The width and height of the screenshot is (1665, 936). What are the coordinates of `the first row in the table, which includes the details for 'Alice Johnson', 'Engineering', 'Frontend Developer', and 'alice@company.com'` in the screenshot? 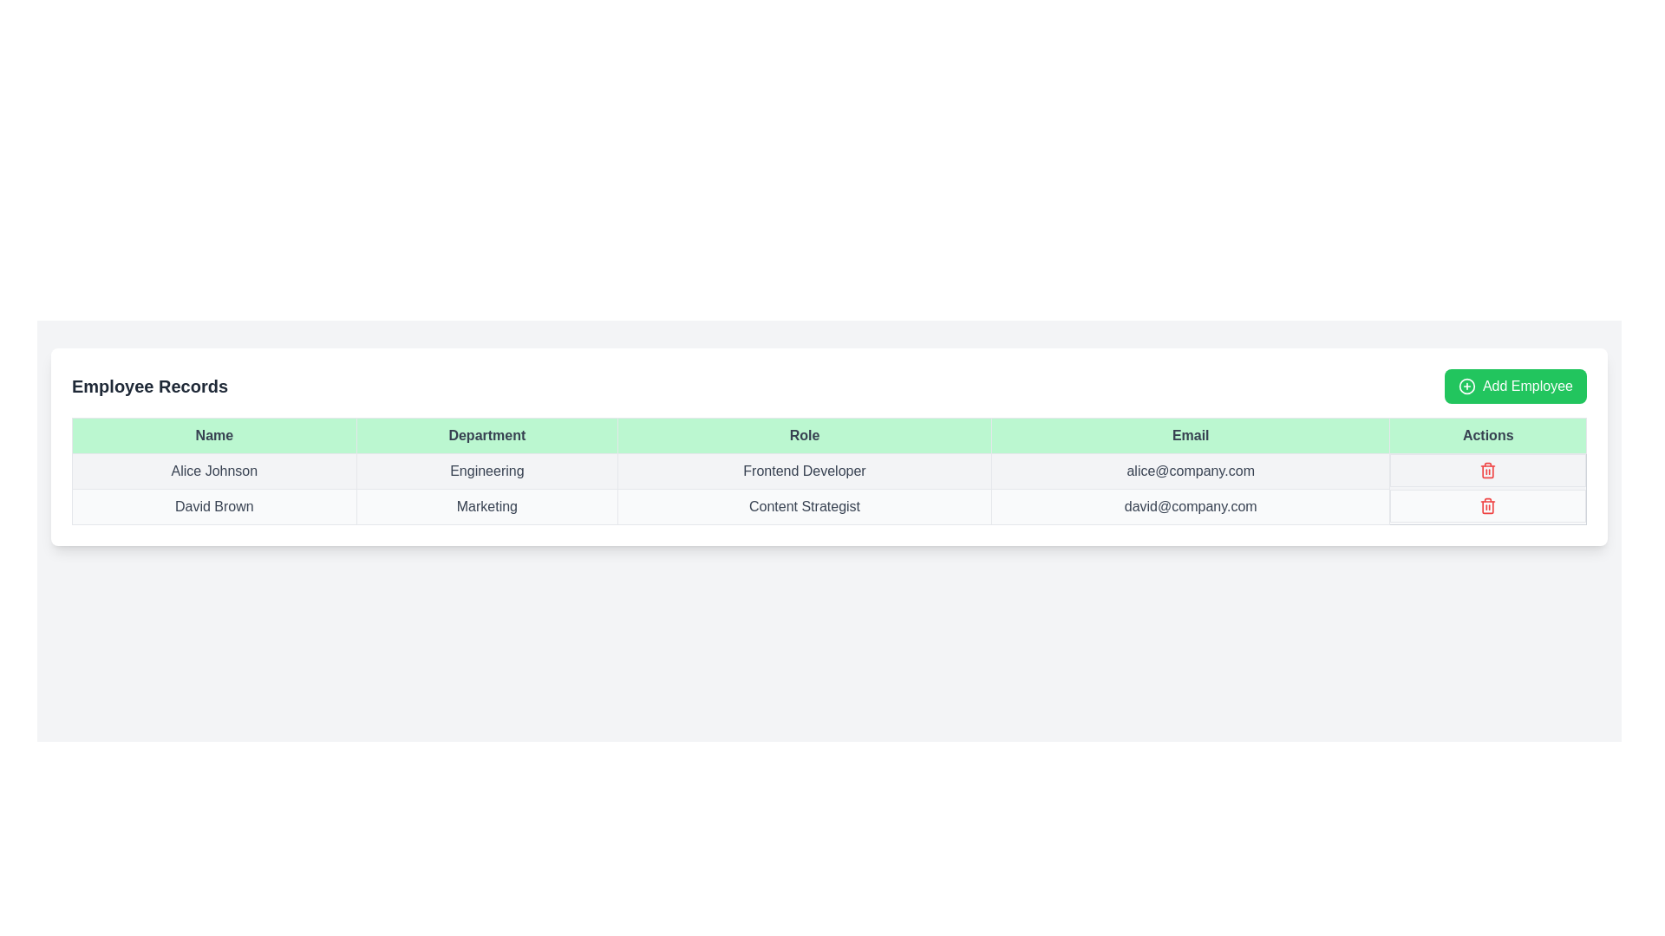 It's located at (828, 471).